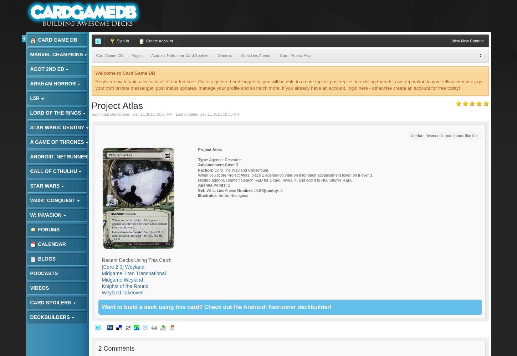 Image resolution: width=517 pixels, height=356 pixels. What do you see at coordinates (30, 112) in the screenshot?
I see `'Lord of the Rings'` at bounding box center [30, 112].